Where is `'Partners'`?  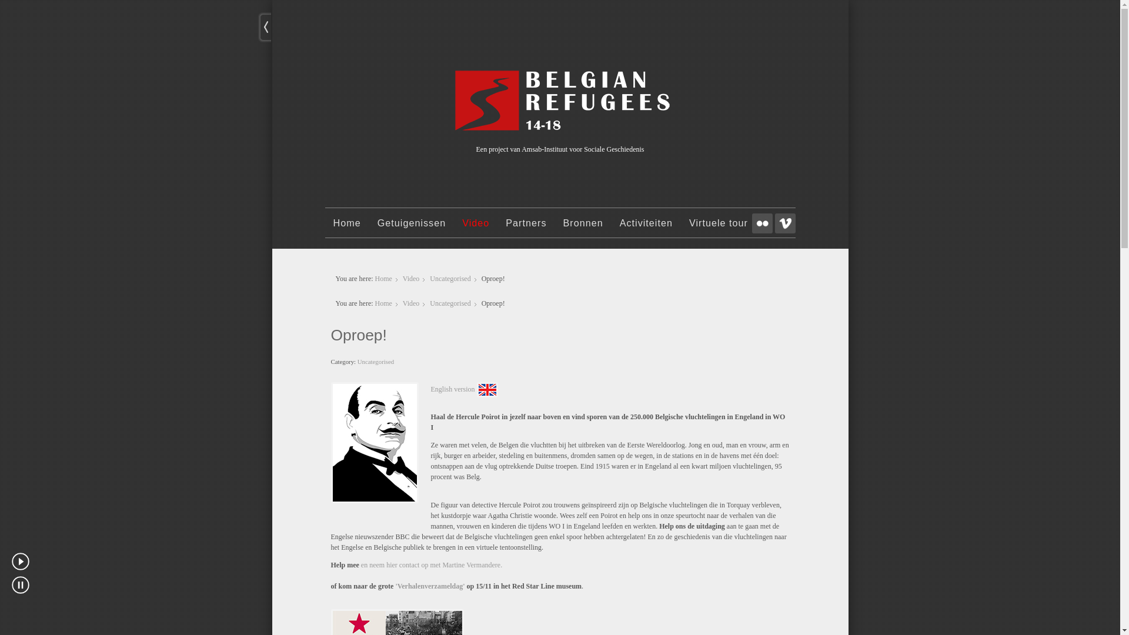 'Partners' is located at coordinates (525, 228).